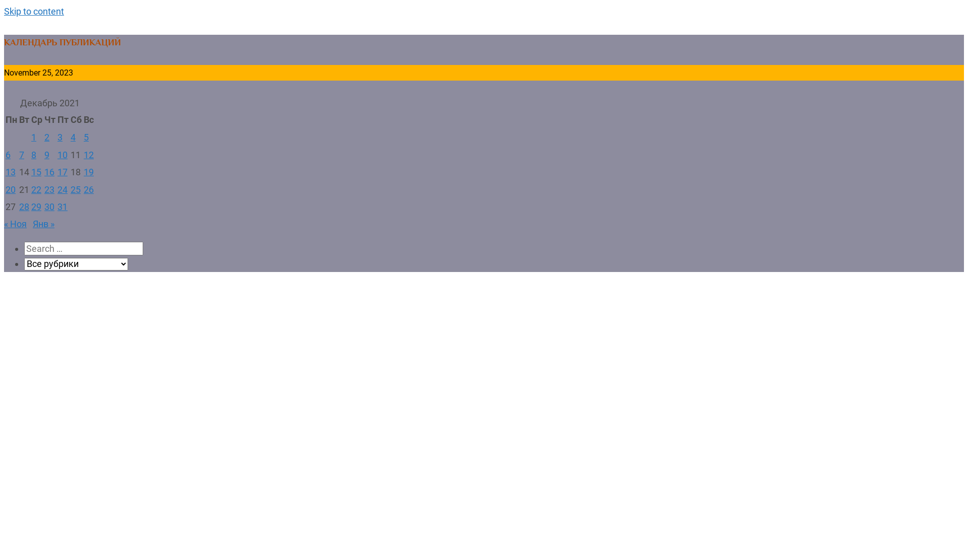  What do you see at coordinates (84, 171) in the screenshot?
I see `'19'` at bounding box center [84, 171].